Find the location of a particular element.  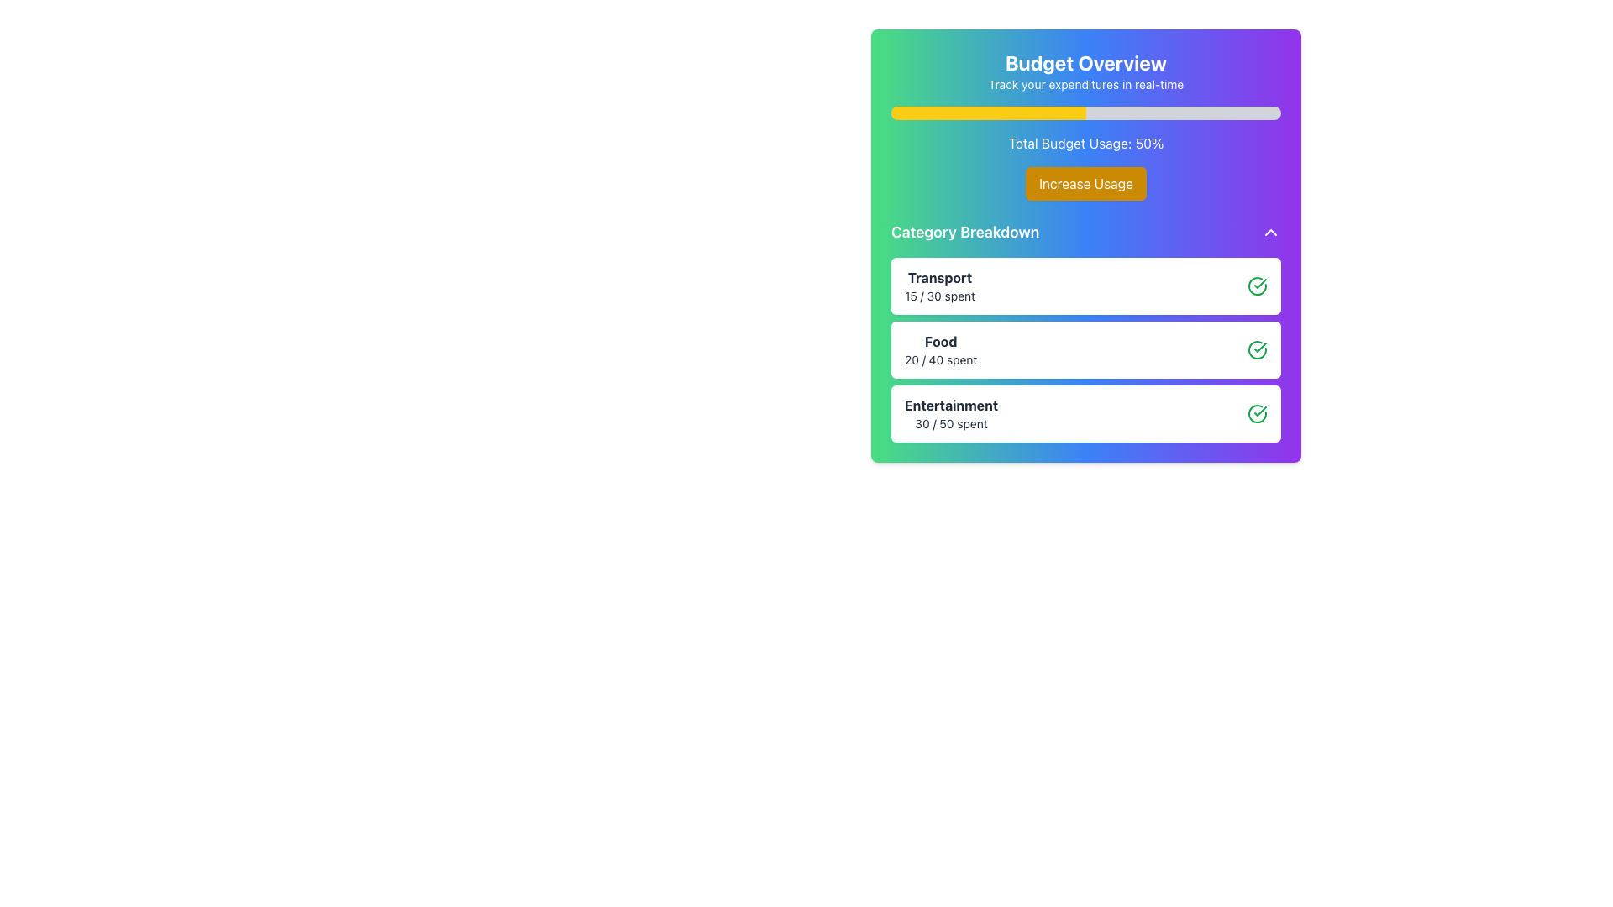

the horizontal progress bar located below the 'Track your expenditures in real-time' text and above the 'Total Budget Usage: 50%' text is located at coordinates (1085, 113).